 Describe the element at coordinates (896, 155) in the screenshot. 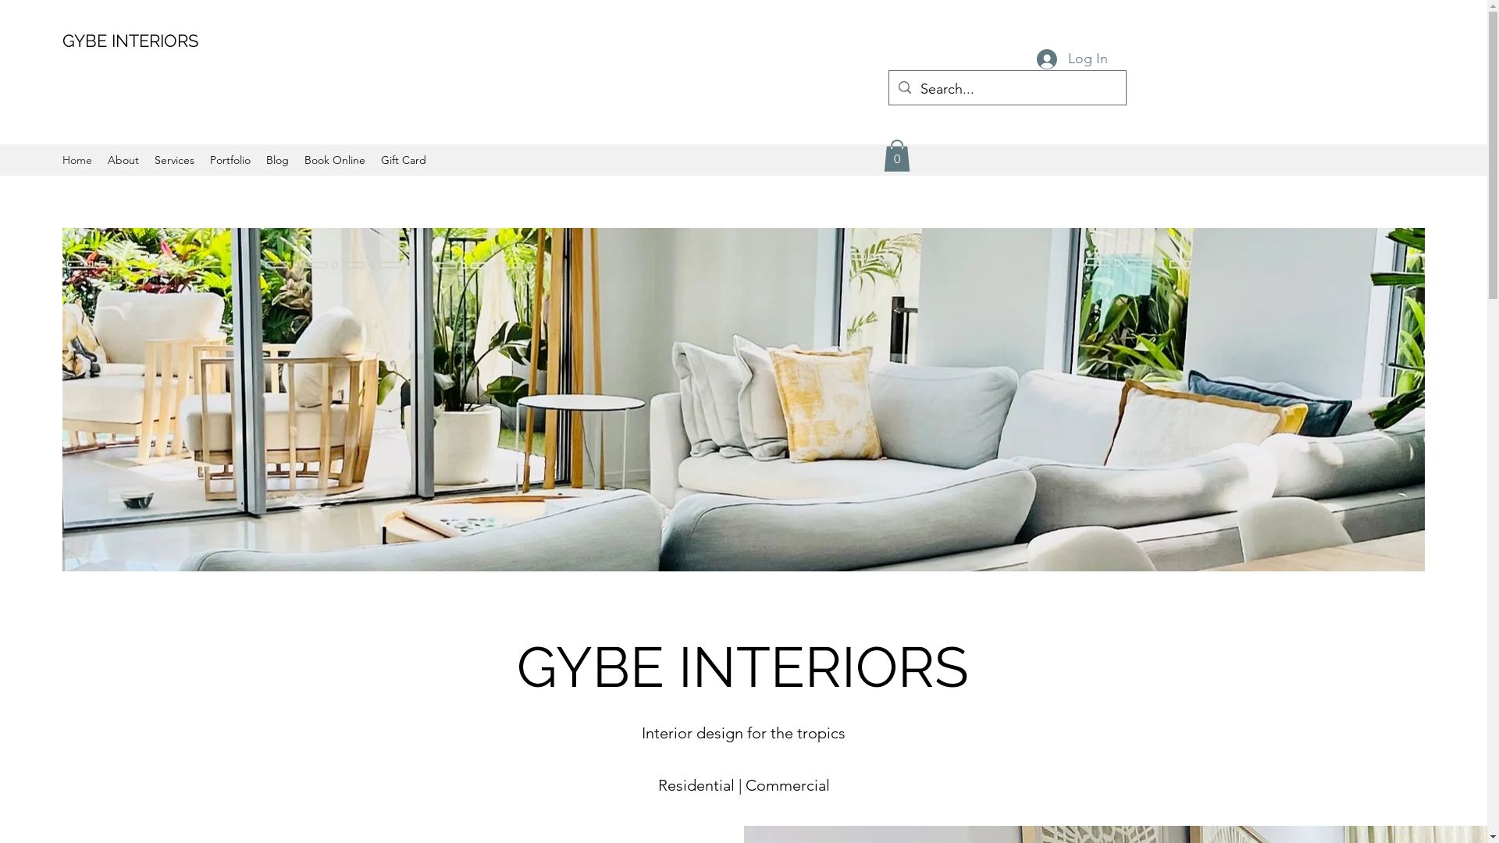

I see `'0'` at that location.